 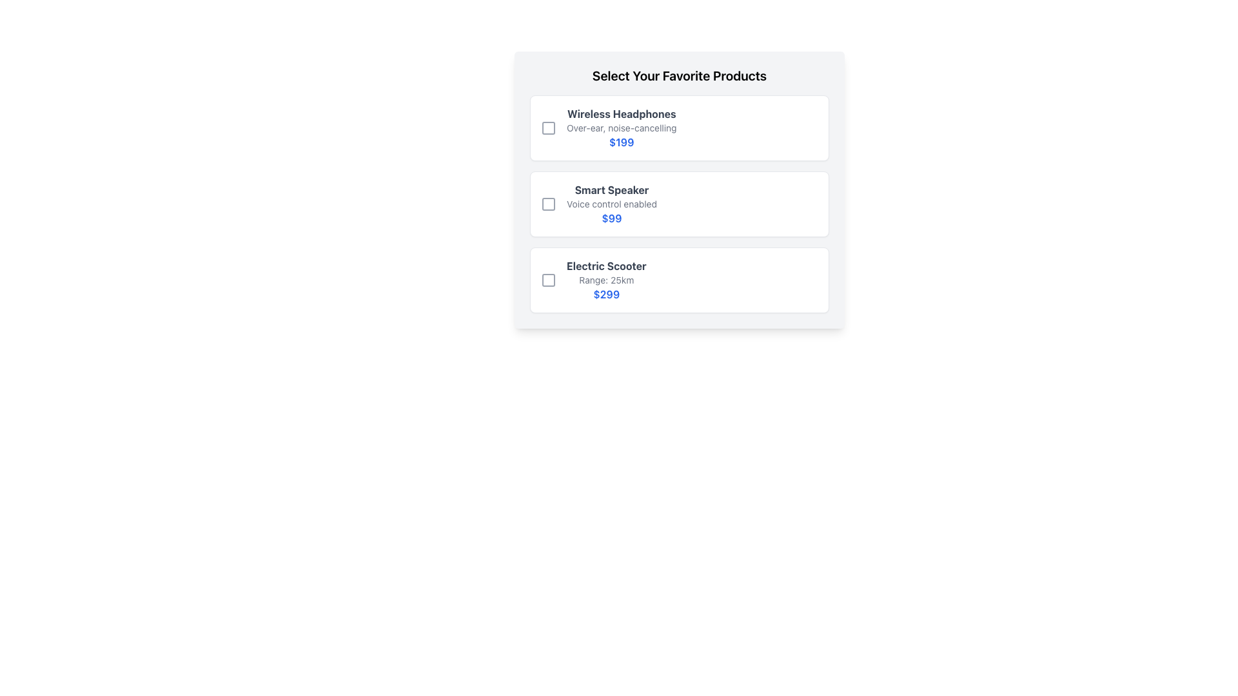 What do you see at coordinates (622, 128) in the screenshot?
I see `the text block containing 'Wireless Headphones'` at bounding box center [622, 128].